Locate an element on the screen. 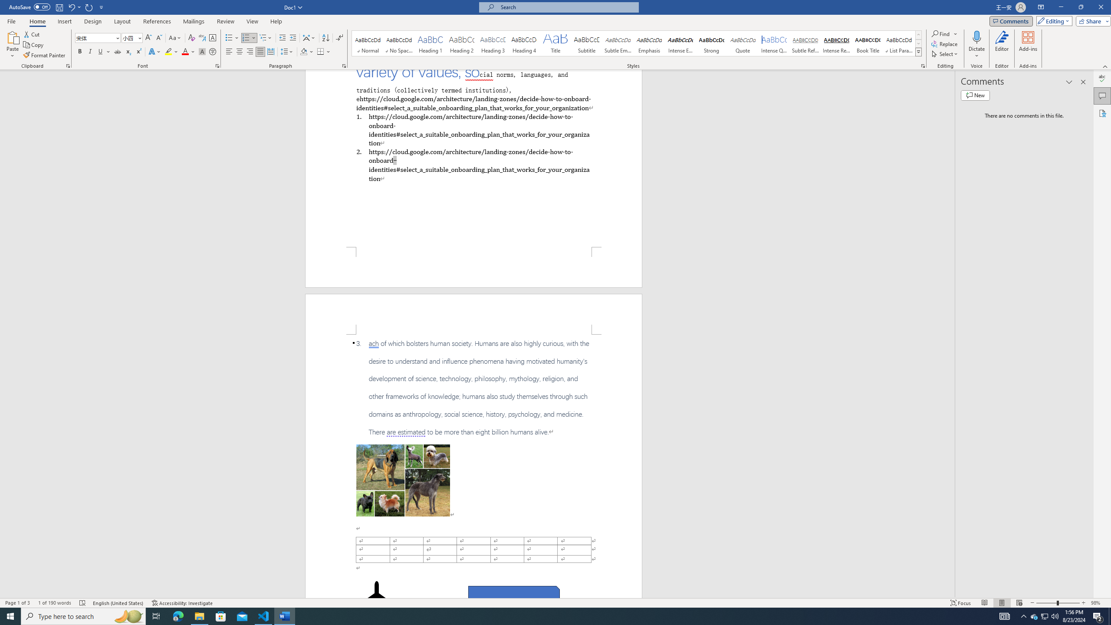  'Layout' is located at coordinates (122, 21).